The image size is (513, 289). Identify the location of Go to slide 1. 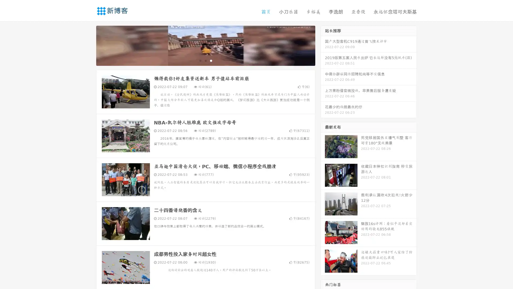
(200, 60).